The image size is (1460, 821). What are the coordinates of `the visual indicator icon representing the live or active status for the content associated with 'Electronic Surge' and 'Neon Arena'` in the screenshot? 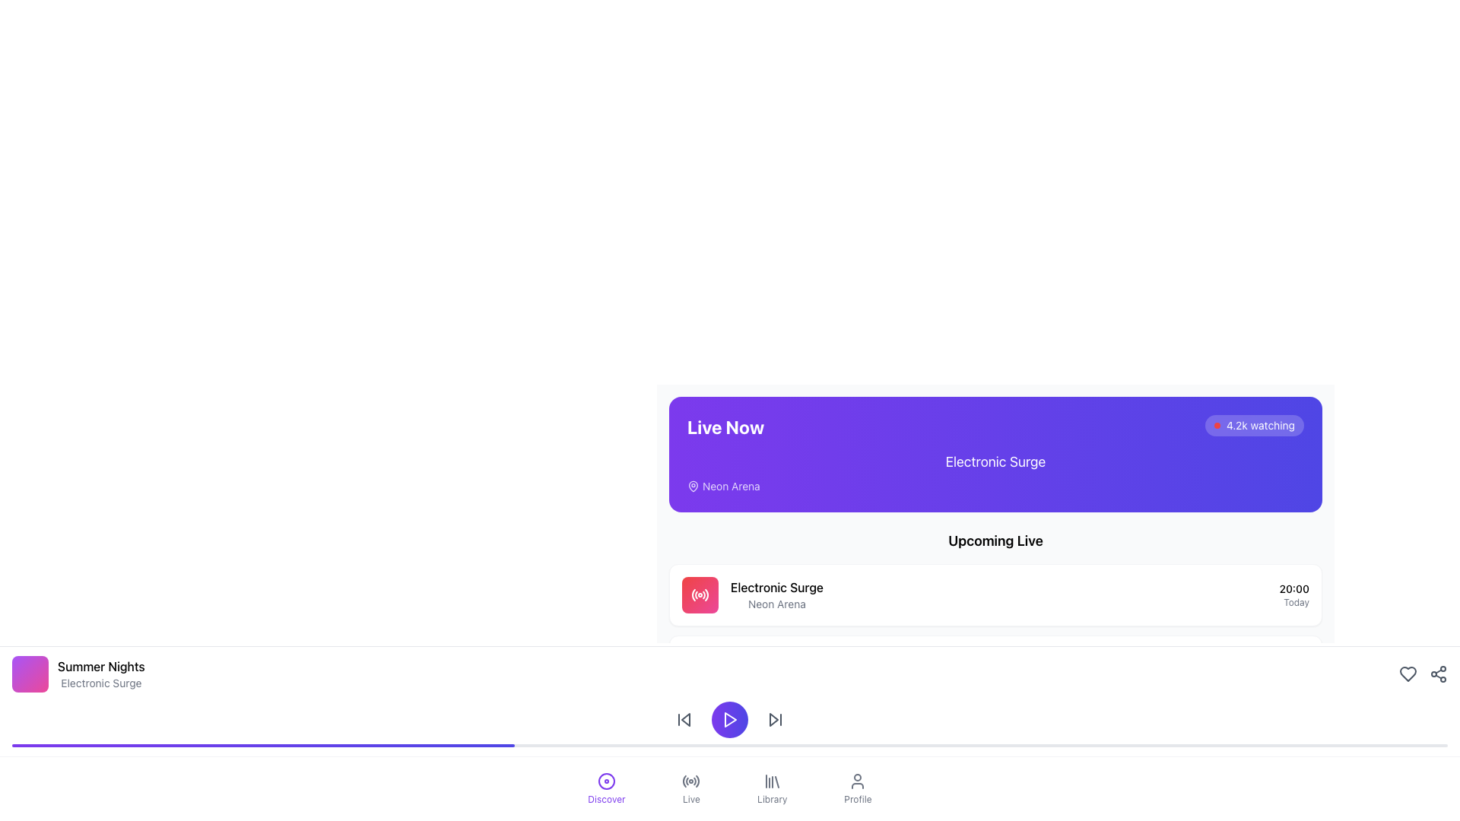 It's located at (700, 594).